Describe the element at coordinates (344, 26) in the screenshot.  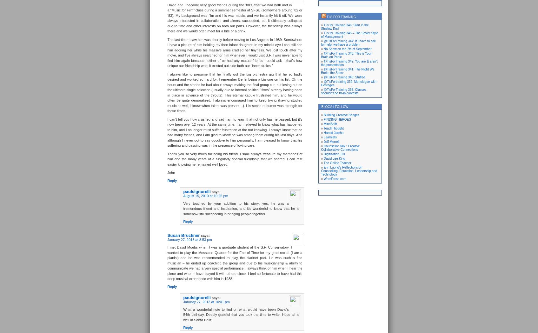
I see `'T is for Training 346: Start in the Shallow End'` at that location.